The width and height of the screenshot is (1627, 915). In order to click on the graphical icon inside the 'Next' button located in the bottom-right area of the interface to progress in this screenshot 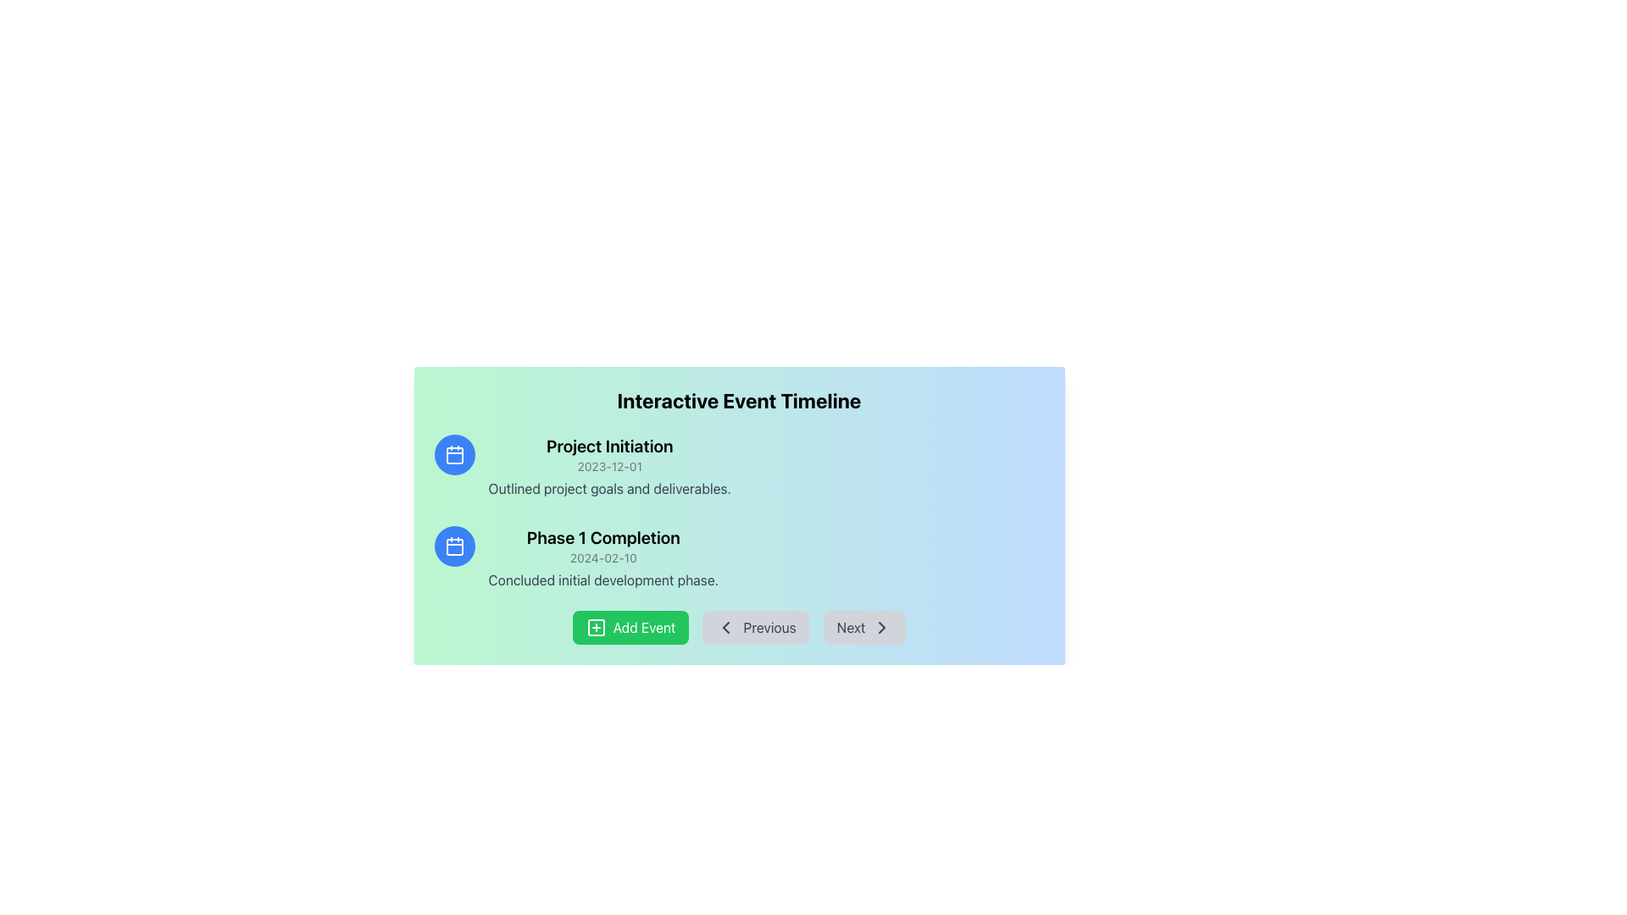, I will do `click(881, 627)`.